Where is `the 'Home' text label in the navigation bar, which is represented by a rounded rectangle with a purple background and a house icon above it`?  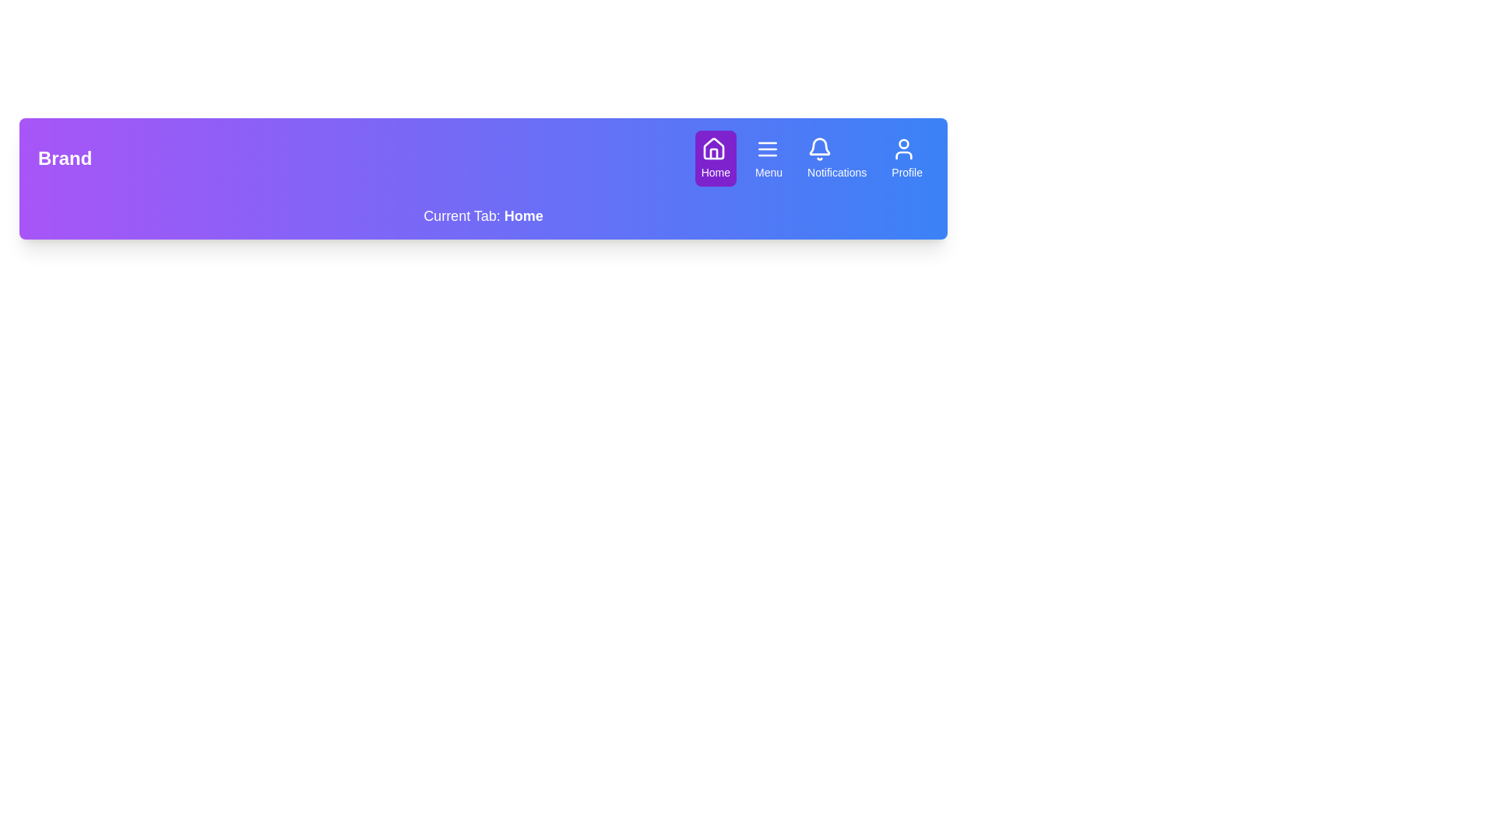 the 'Home' text label in the navigation bar, which is represented by a rounded rectangle with a purple background and a house icon above it is located at coordinates (715, 173).